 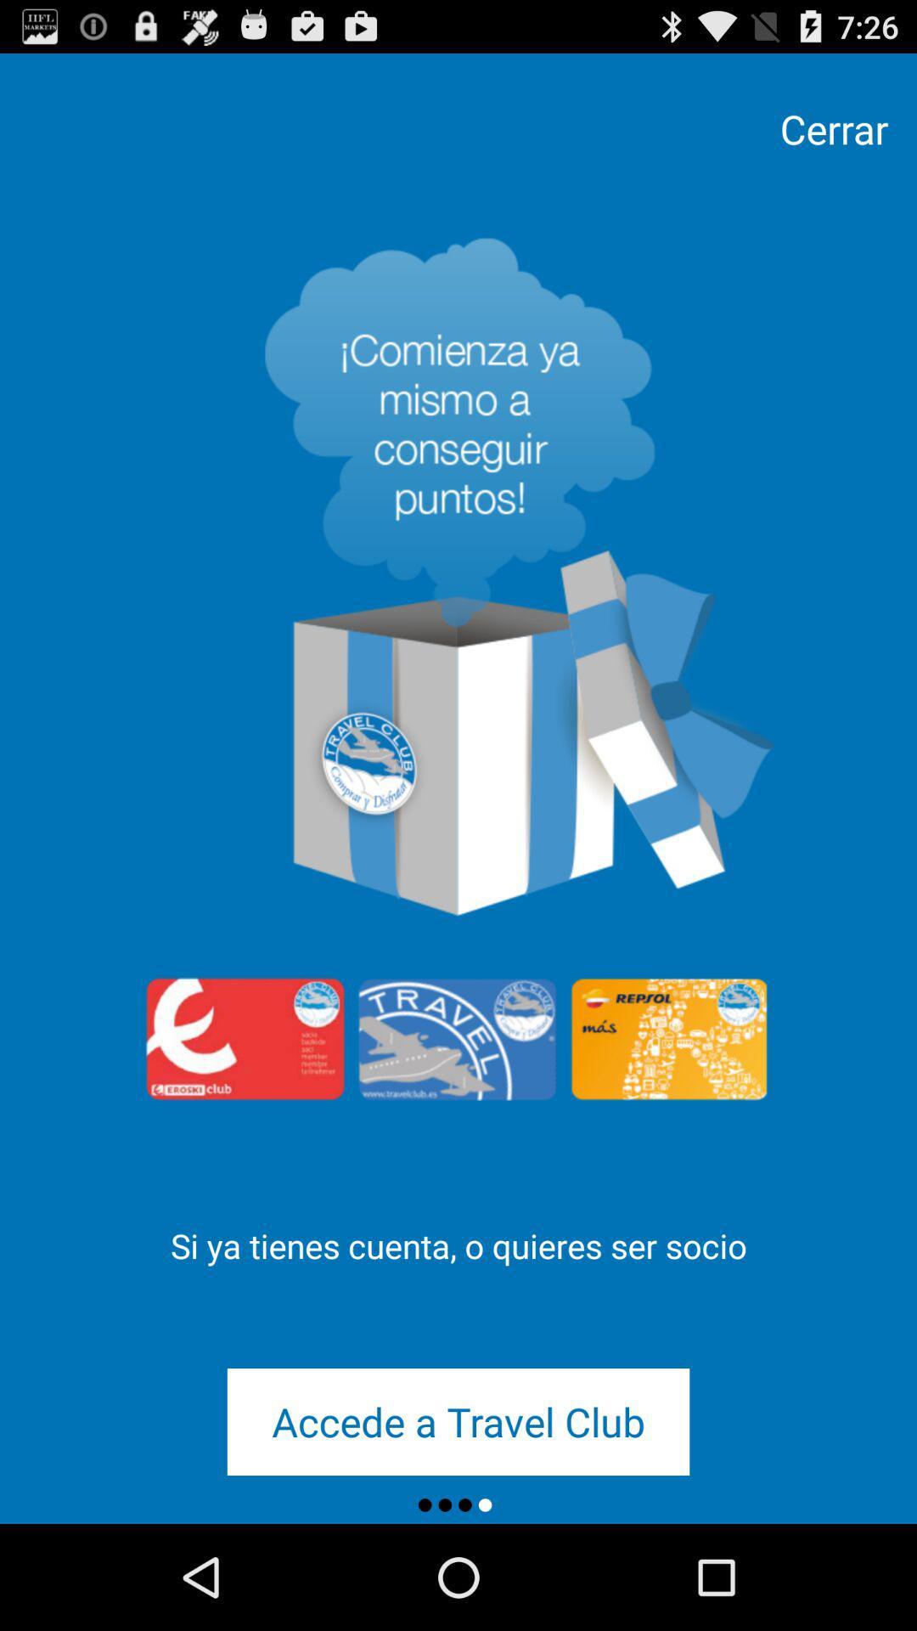 What do you see at coordinates (833, 128) in the screenshot?
I see `the cerrar item` at bounding box center [833, 128].